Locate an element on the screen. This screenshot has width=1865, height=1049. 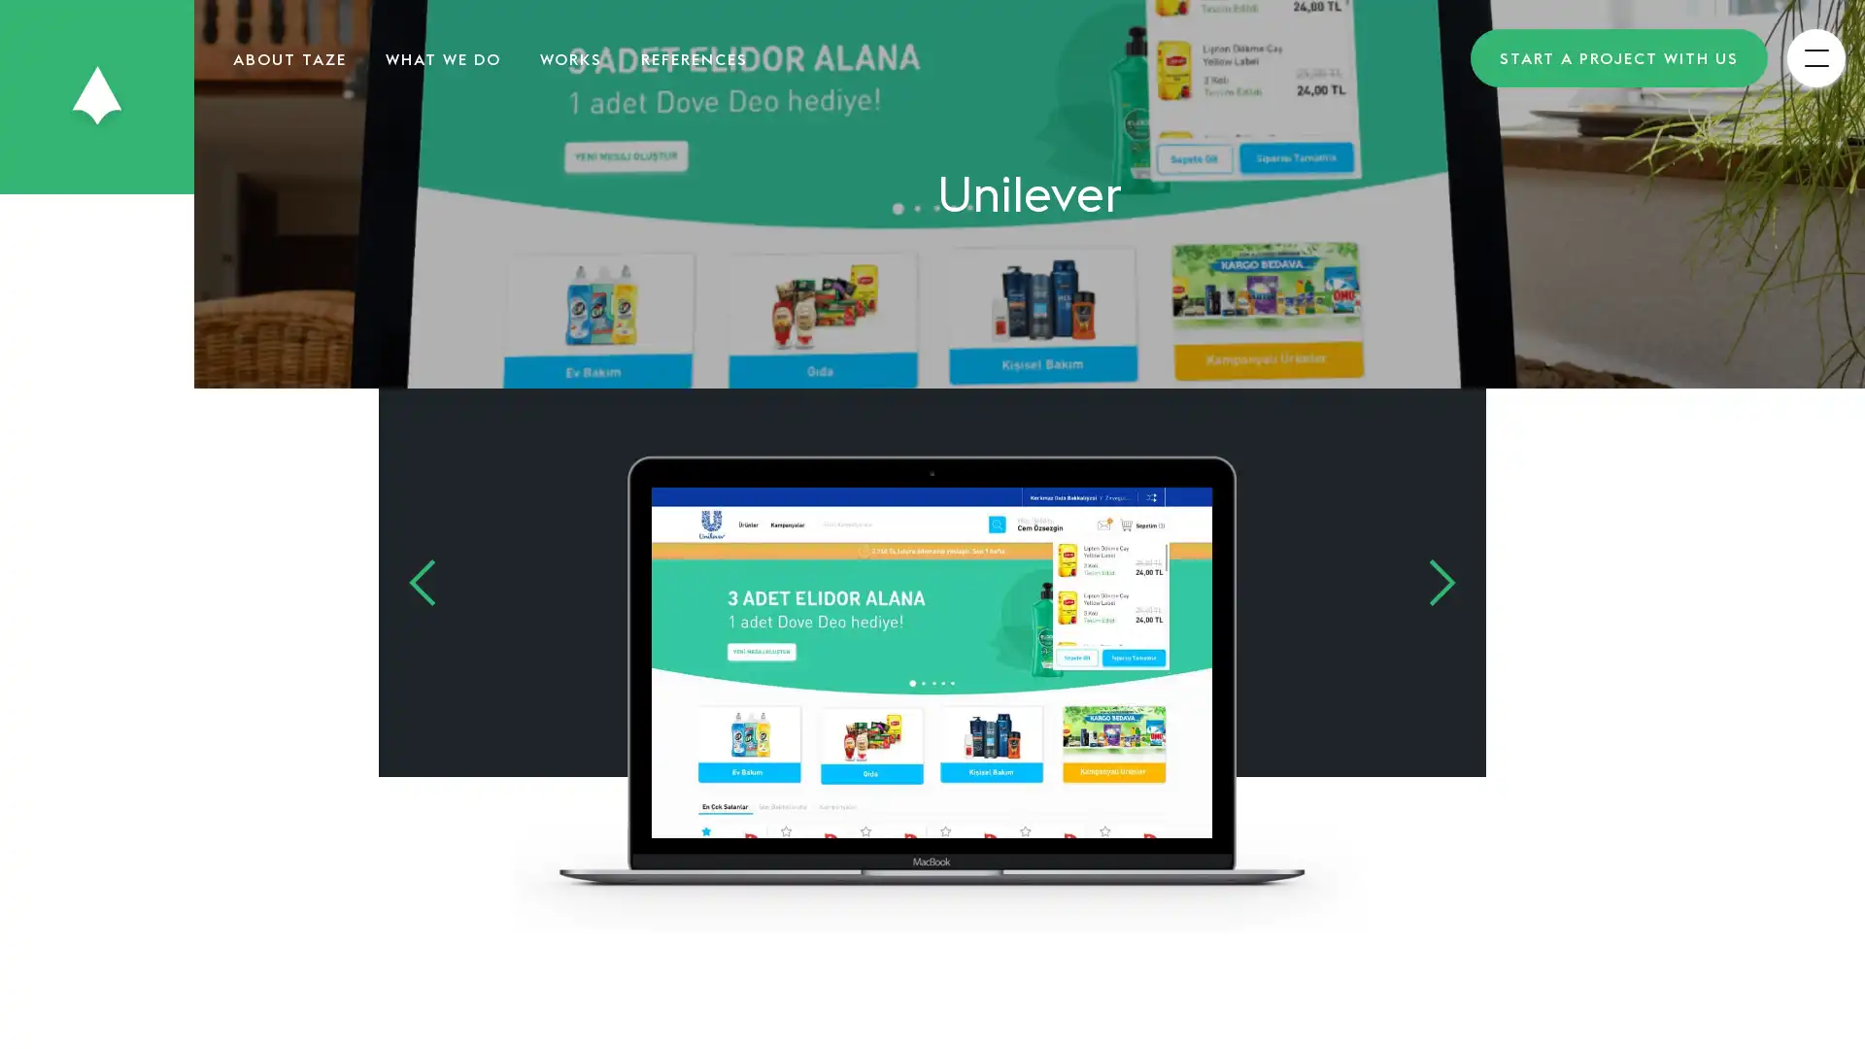
Next is located at coordinates (1441, 582).